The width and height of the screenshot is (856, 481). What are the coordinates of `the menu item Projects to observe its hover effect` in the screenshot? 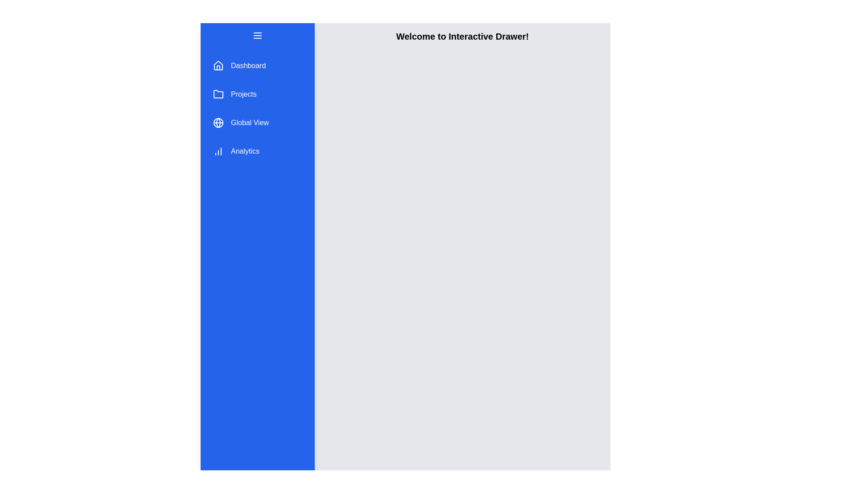 It's located at (257, 94).